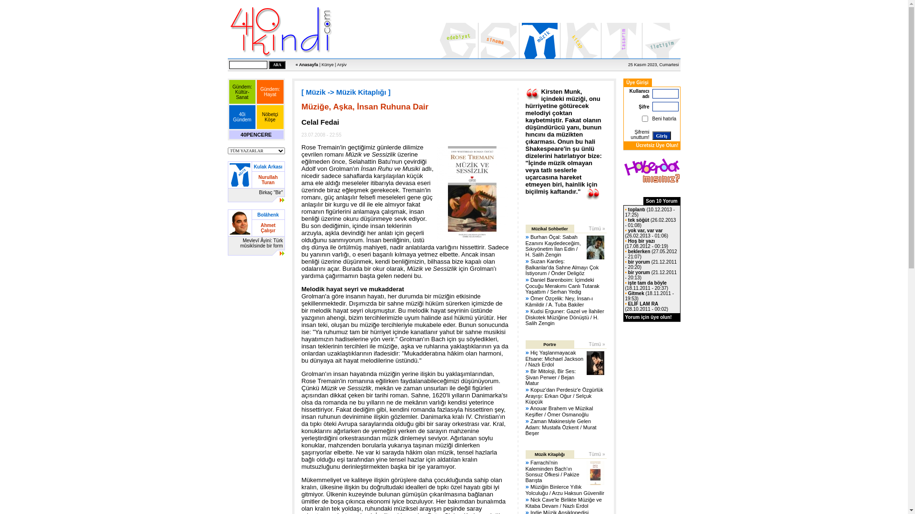 The height and width of the screenshot is (514, 915). I want to click on 'Kitap', so click(579, 40).